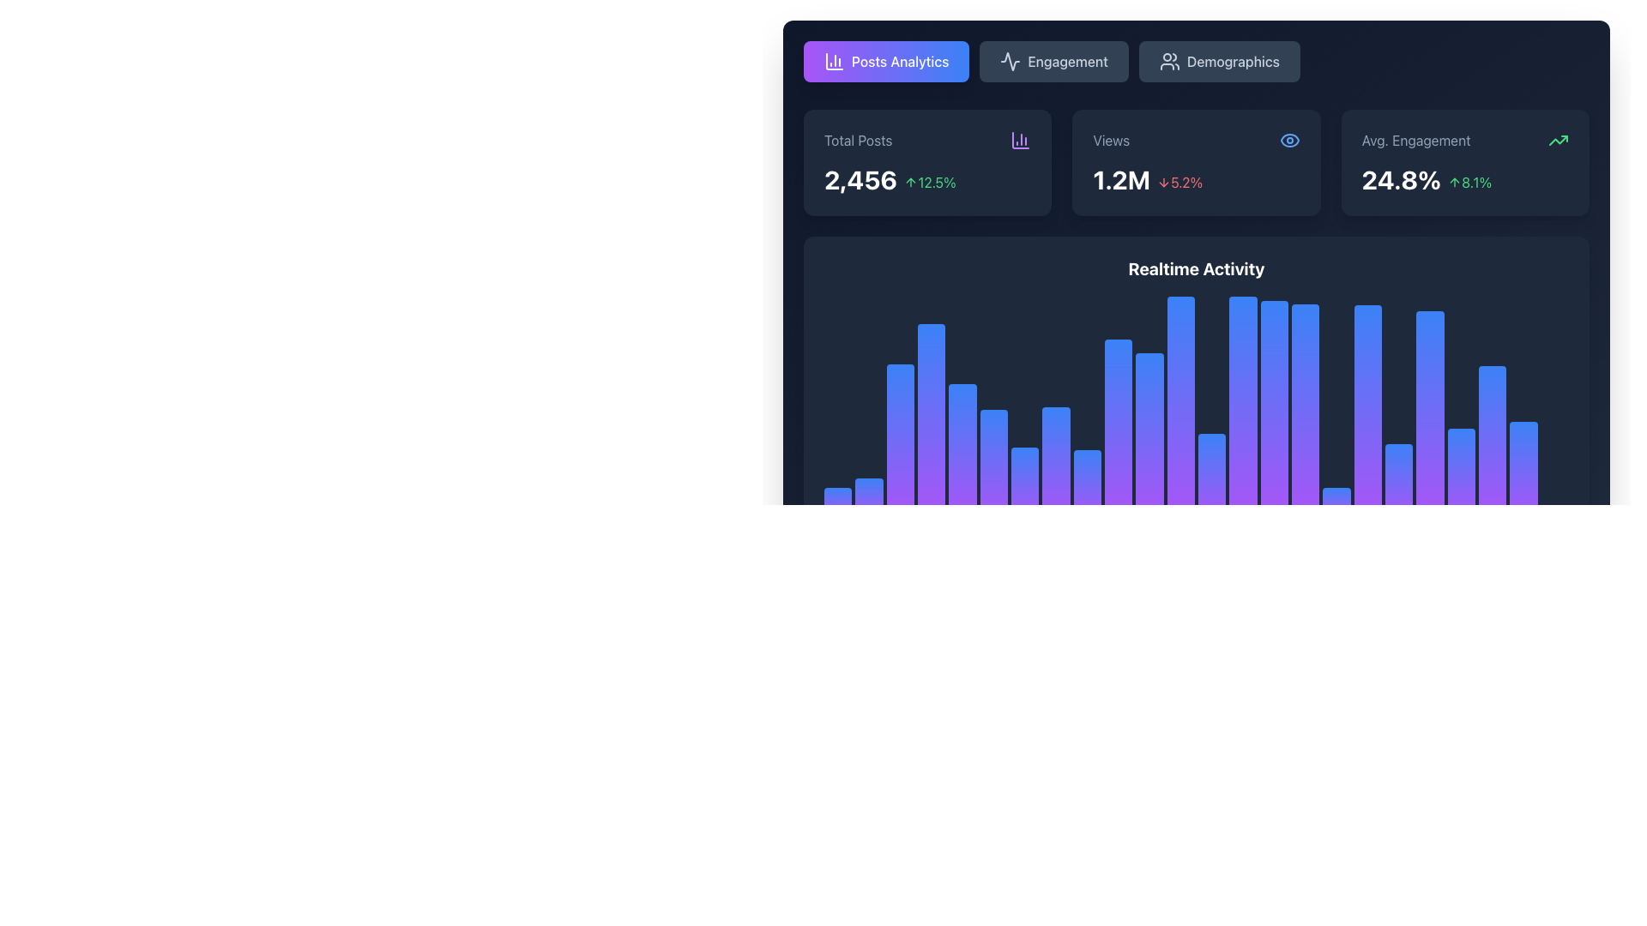 This screenshot has width=1647, height=926. Describe the element at coordinates (1025, 503) in the screenshot. I see `value of the seventh vertical bar in the bar chart, which has a gradient from blue to purple and rounded top edges` at that location.